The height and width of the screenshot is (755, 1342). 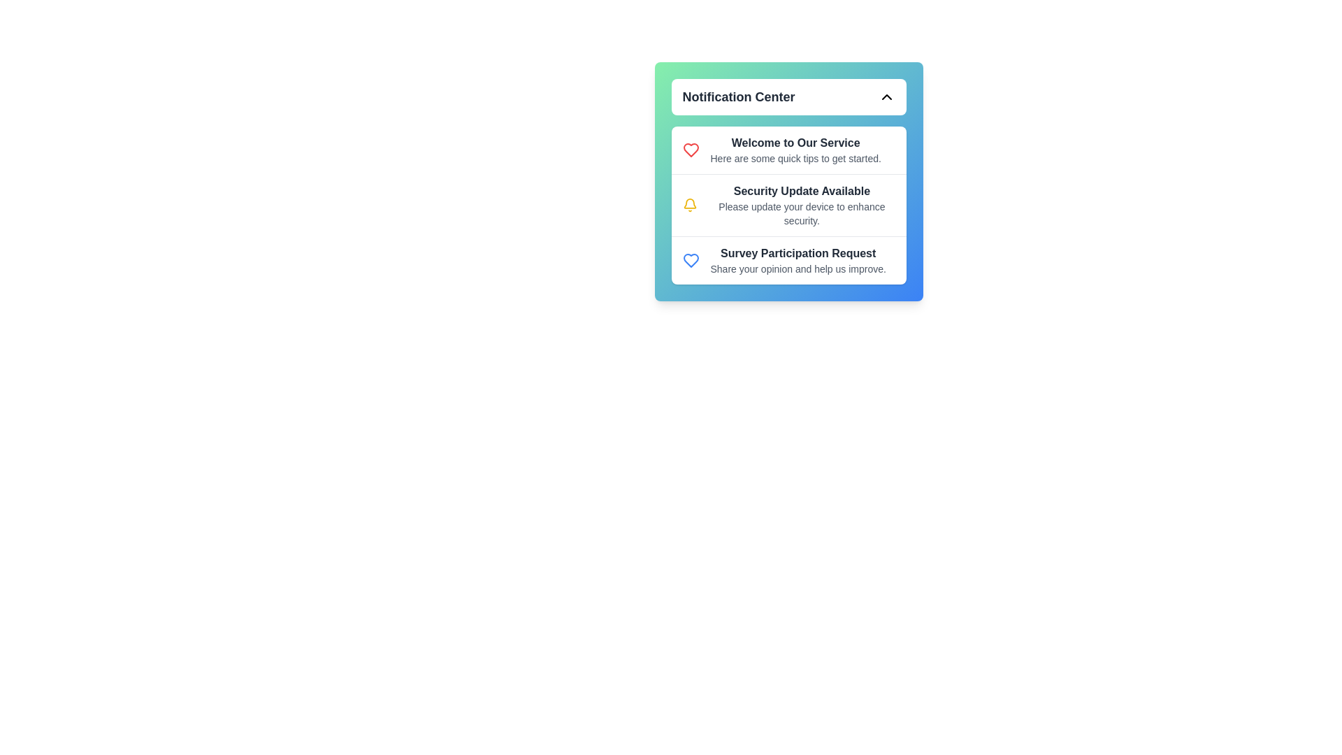 What do you see at coordinates (690, 205) in the screenshot?
I see `the icon associated with the Security Update Available notification` at bounding box center [690, 205].